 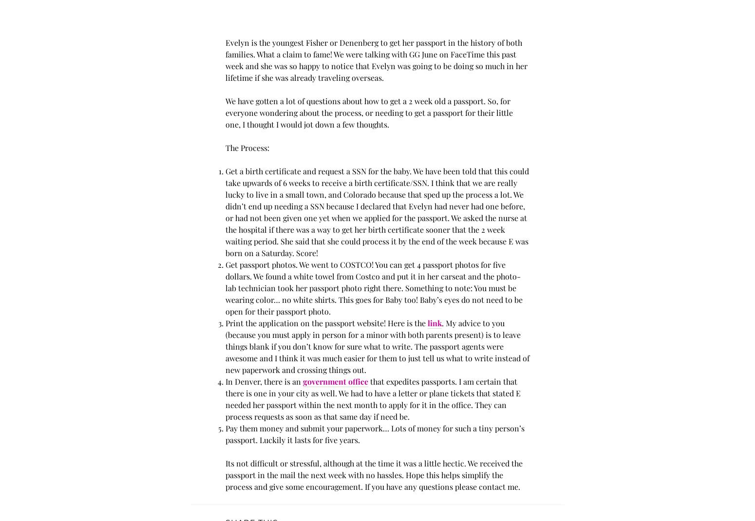 What do you see at coordinates (376, 60) in the screenshot?
I see `'Evelyn is the youngest Fisher or Denenberg to get her passport in the history of both families. What a claim to fame! We were talking with GG June on FaceTime this past week and she was so happy to notice that Evelyn was going to be doing so much in her lifetime if she was already traveling overseas.'` at bounding box center [376, 60].